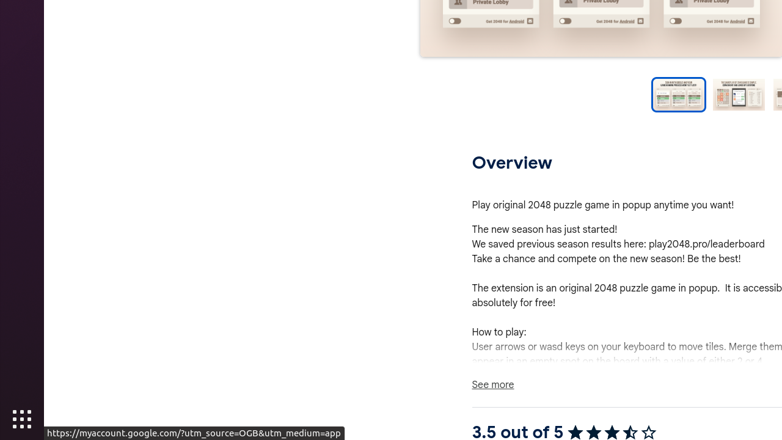  I want to click on 'Show Applications', so click(21, 419).